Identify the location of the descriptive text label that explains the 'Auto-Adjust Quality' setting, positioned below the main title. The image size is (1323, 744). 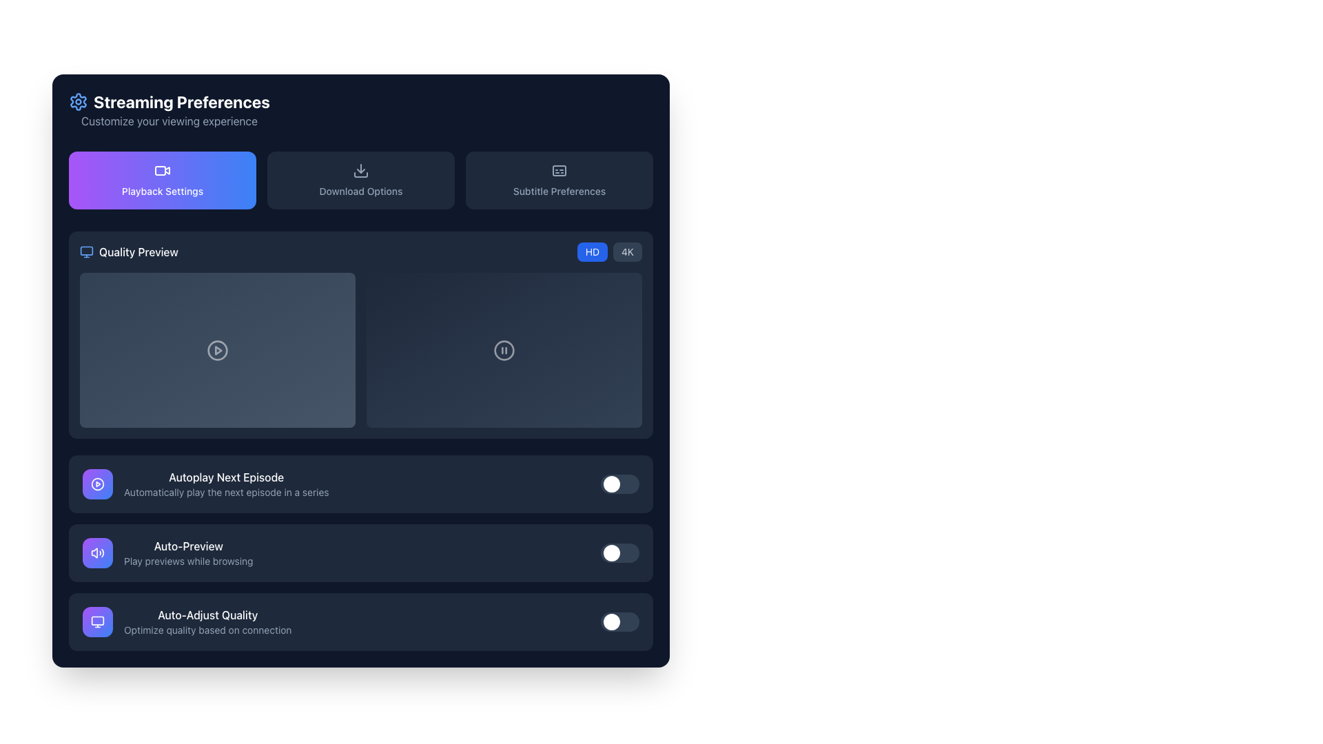
(207, 630).